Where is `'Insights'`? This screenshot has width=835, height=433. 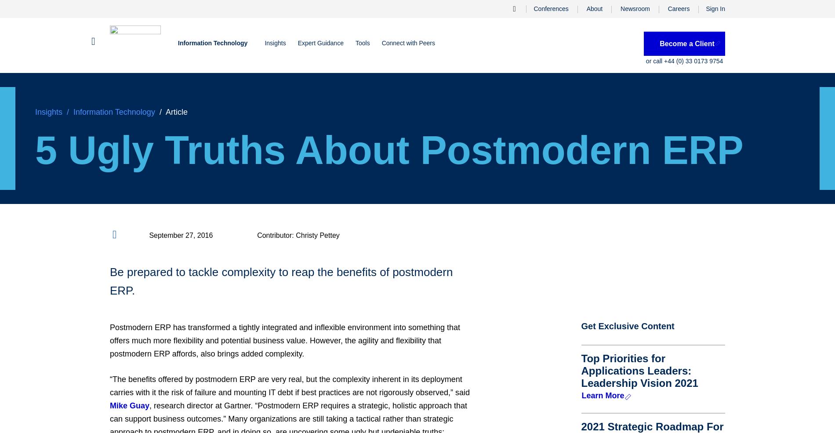 'Insights' is located at coordinates (48, 112).